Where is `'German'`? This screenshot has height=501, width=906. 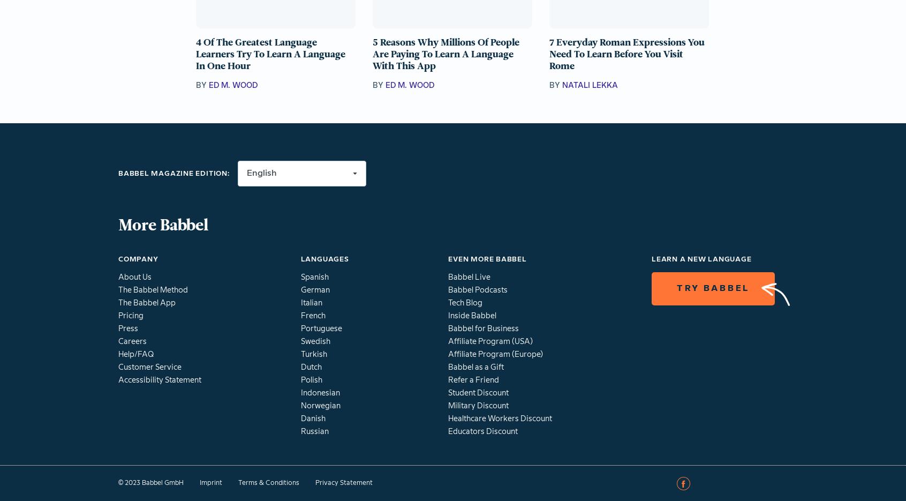
'German' is located at coordinates (300, 290).